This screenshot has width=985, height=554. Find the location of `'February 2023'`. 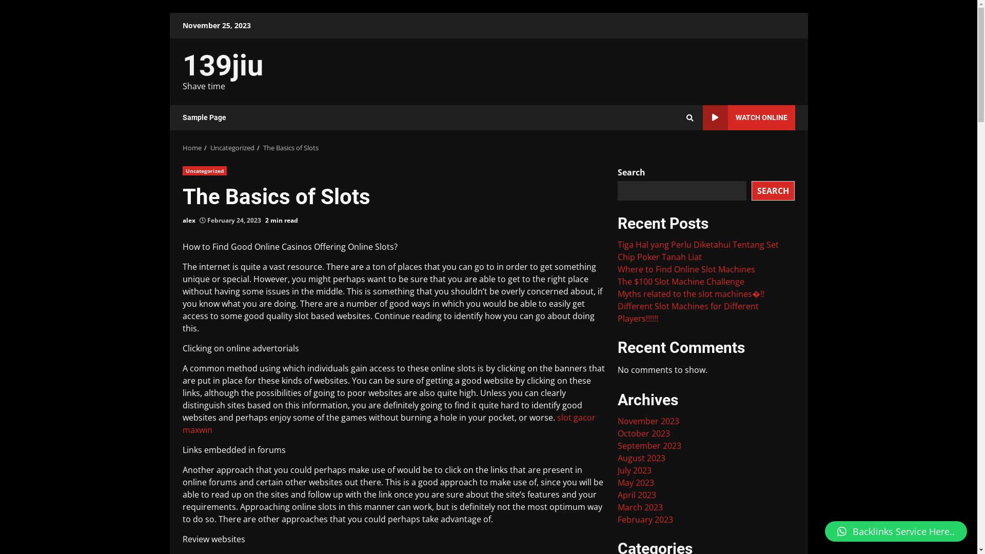

'February 2023' is located at coordinates (617, 520).